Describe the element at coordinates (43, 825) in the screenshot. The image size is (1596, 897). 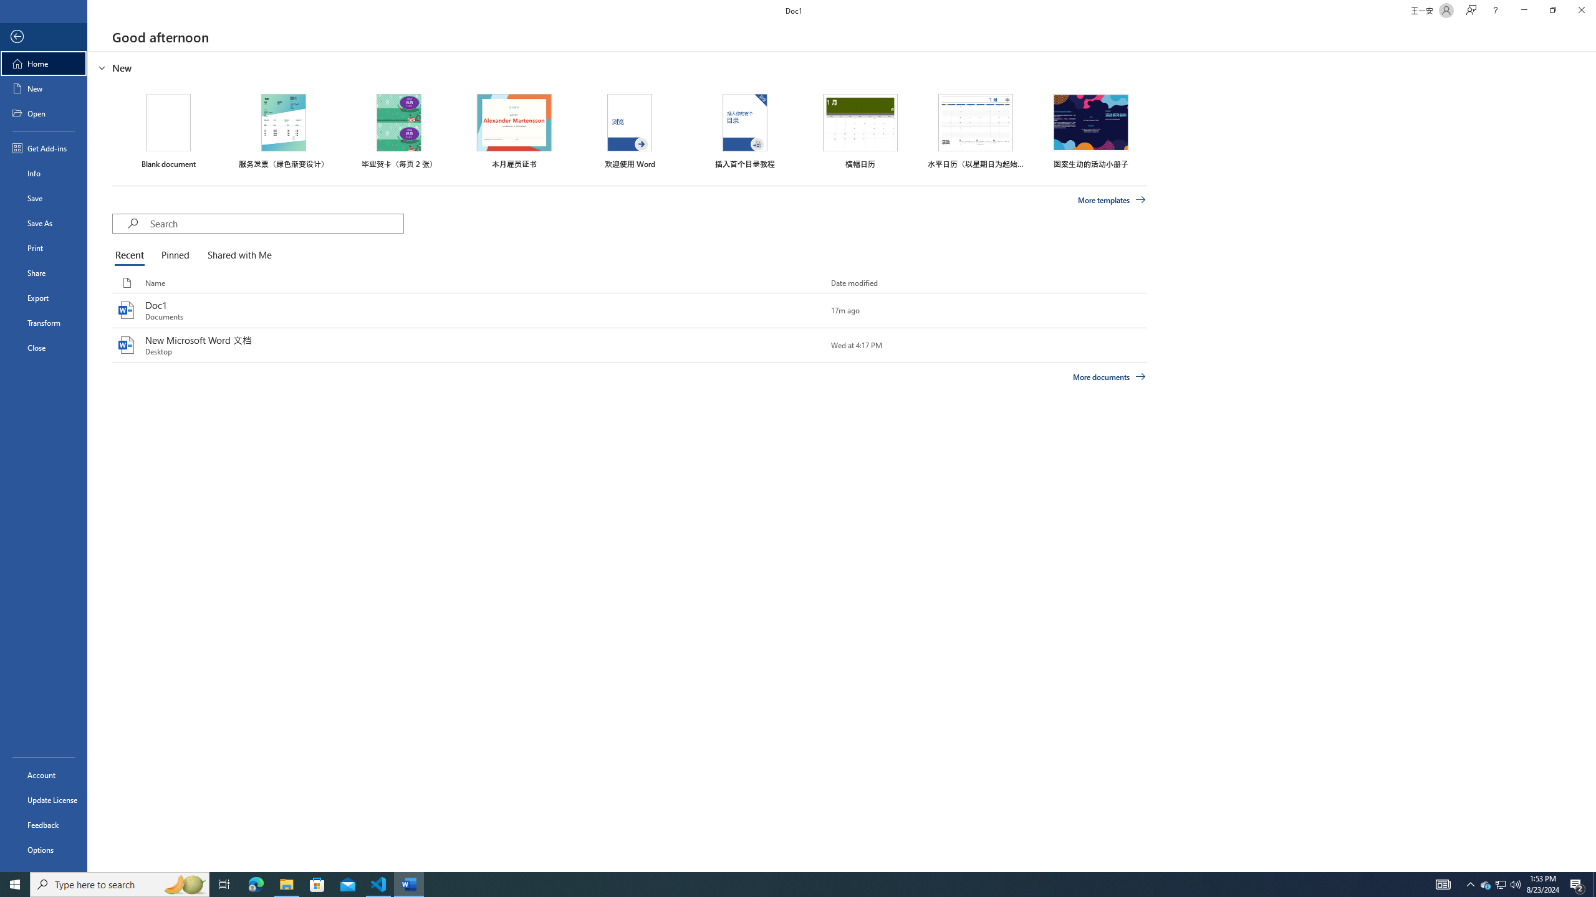
I see `'Feedback'` at that location.